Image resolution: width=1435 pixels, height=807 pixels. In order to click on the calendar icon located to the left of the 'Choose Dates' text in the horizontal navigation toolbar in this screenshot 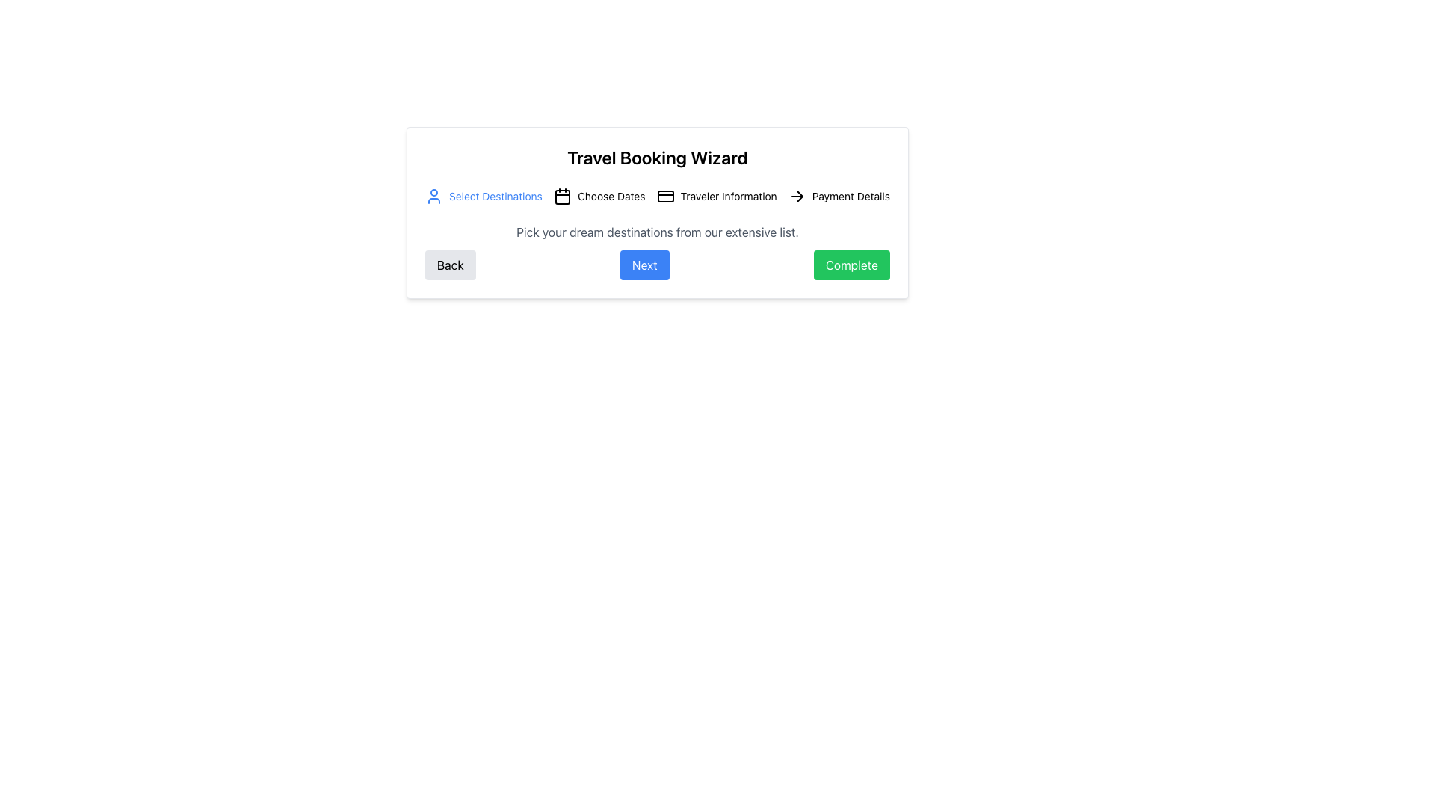, I will do `click(562, 195)`.